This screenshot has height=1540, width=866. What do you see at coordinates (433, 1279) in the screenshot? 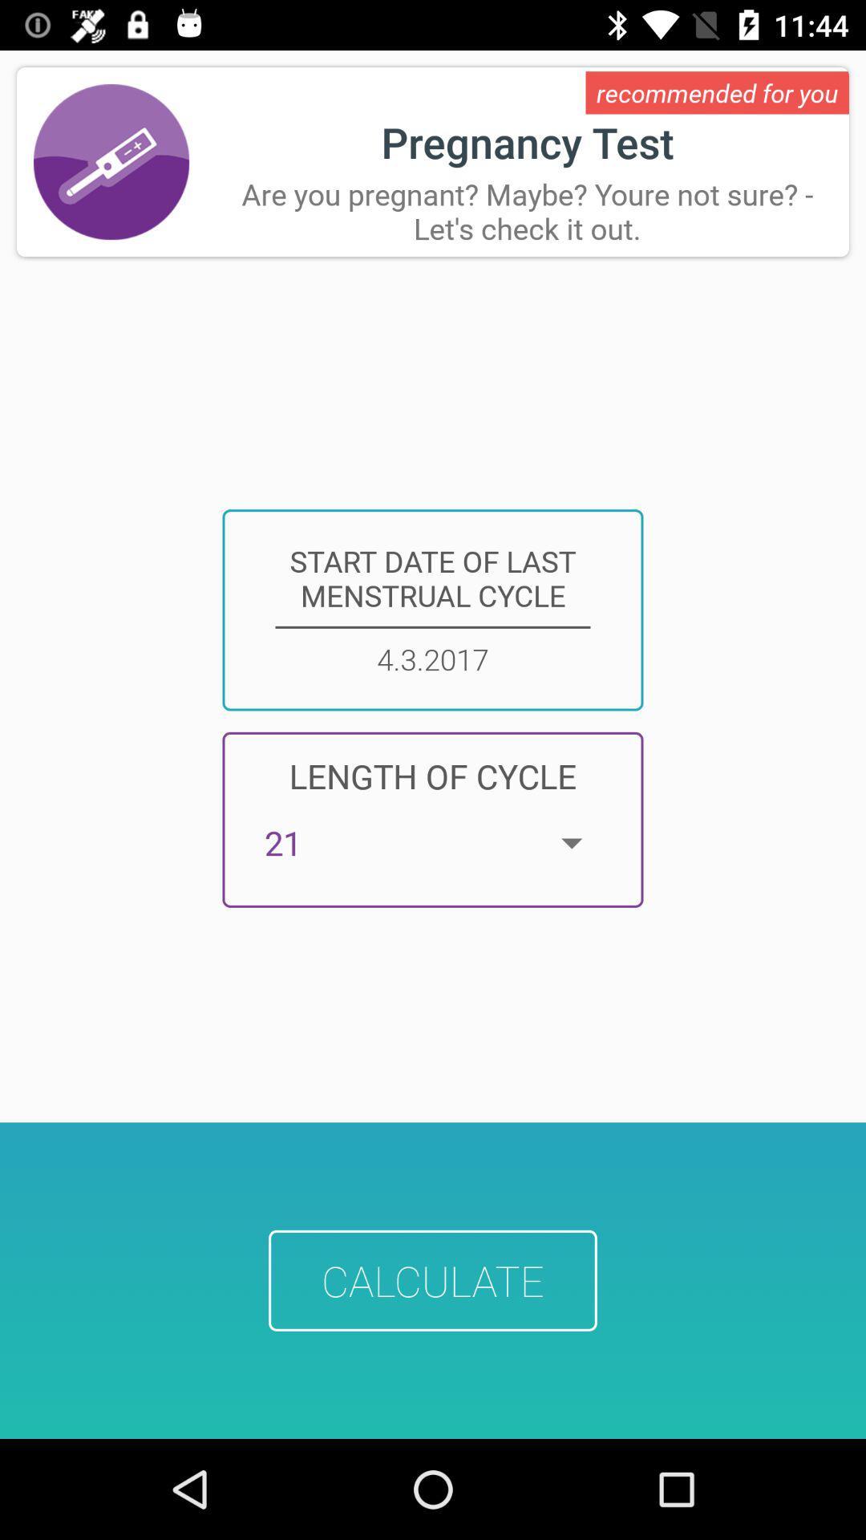
I see `the calculate button` at bounding box center [433, 1279].